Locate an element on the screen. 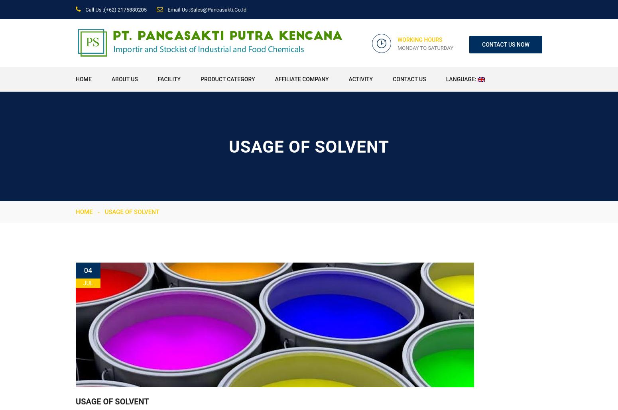 The image size is (618, 410). 'Jul' is located at coordinates (87, 283).